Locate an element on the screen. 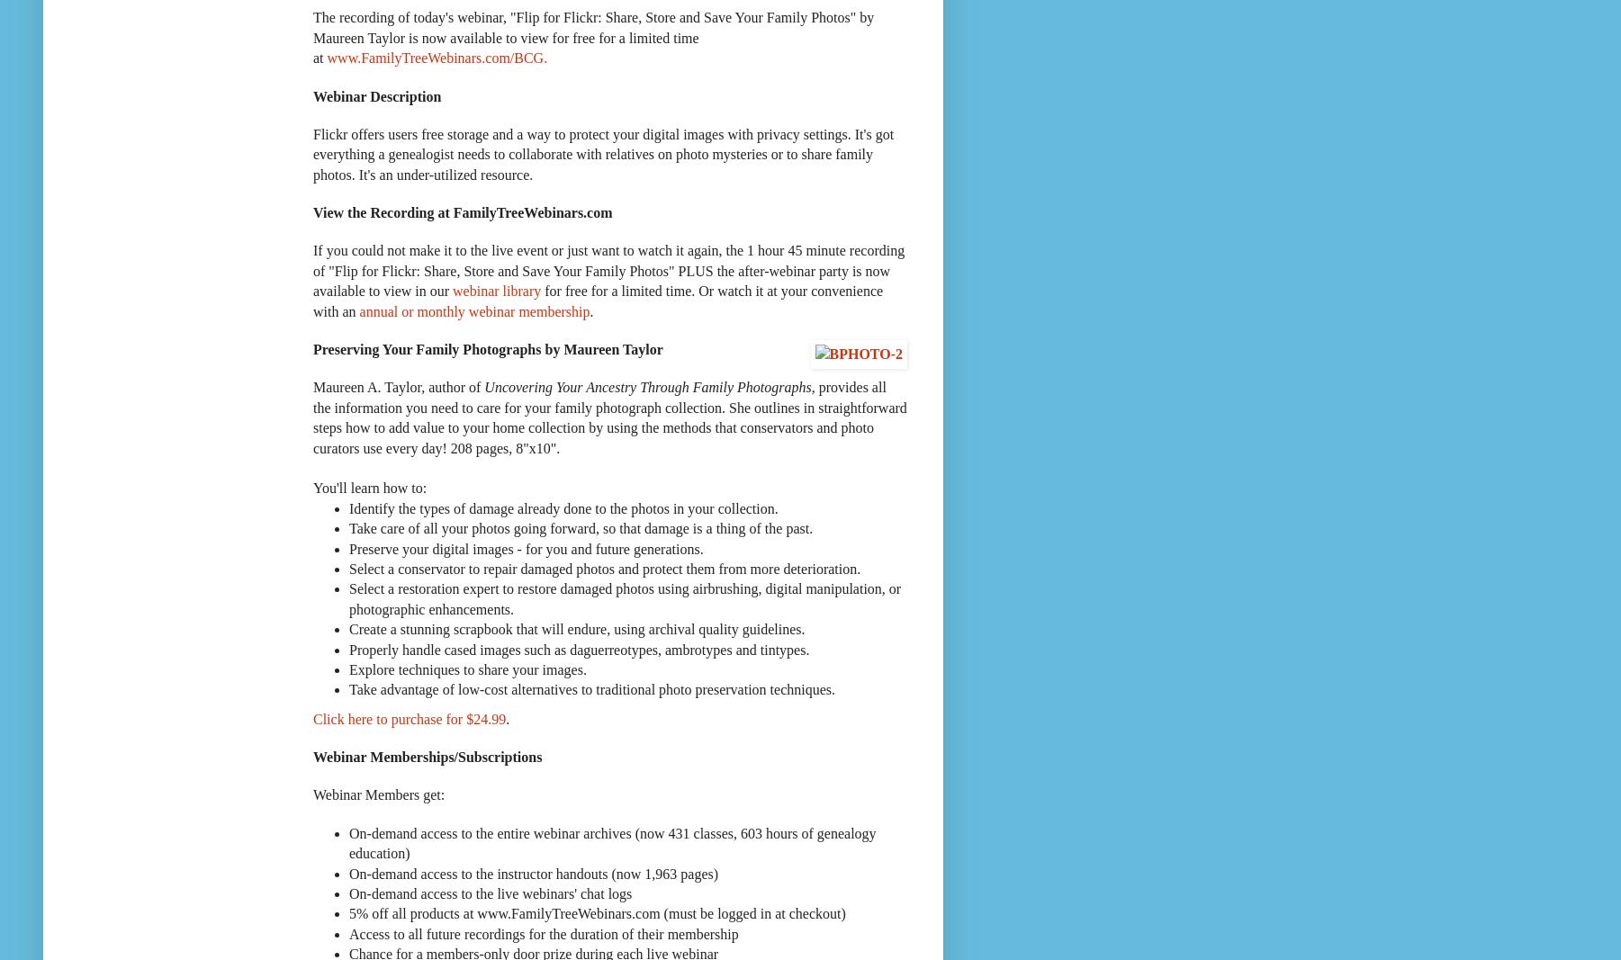  'Properly handle cased images such as daguerreotypes, ambrotypes and tintypes.' is located at coordinates (348, 648).